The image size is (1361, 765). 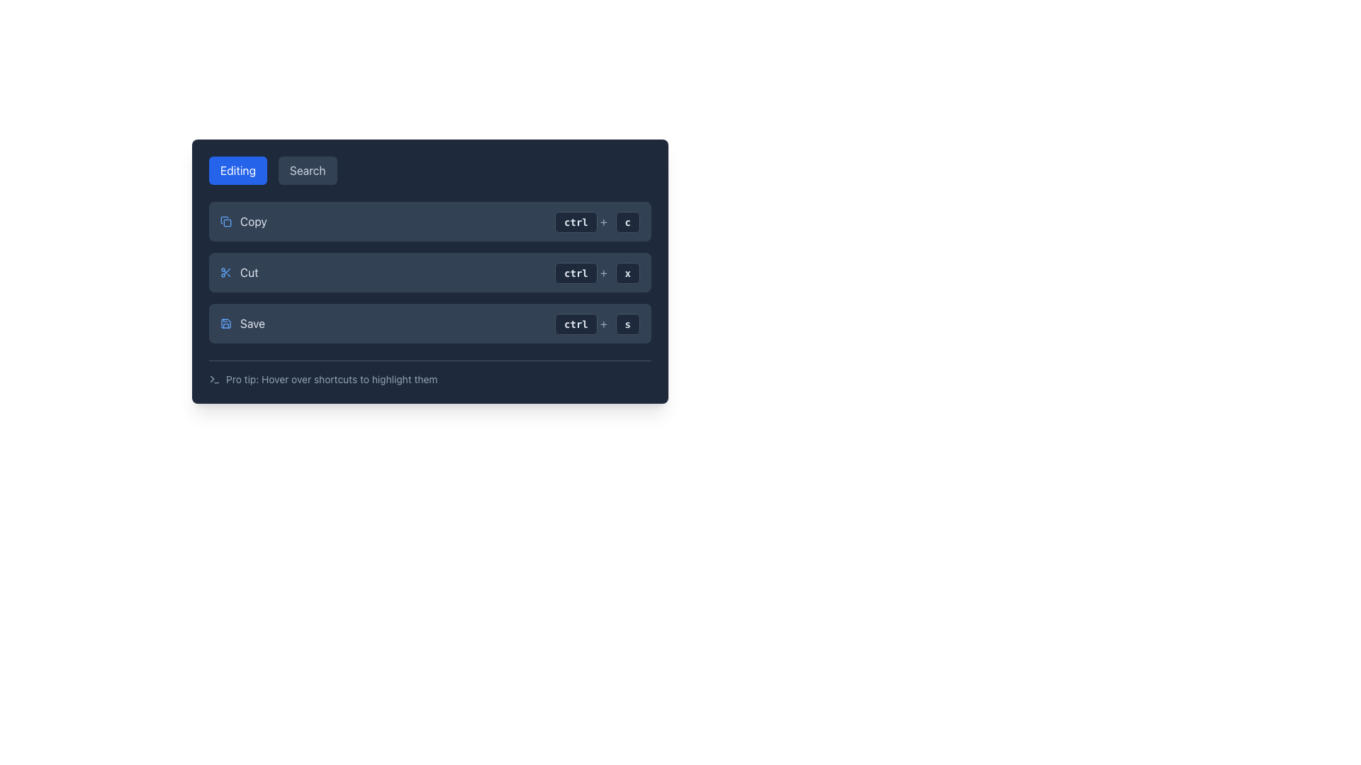 I want to click on the text label displaying 'ctrl+' which is styled with 'ctrl' in bold and highlighted text, located adjacent to the 'Copy' label on the left and 'c' on the right, so click(x=582, y=221).